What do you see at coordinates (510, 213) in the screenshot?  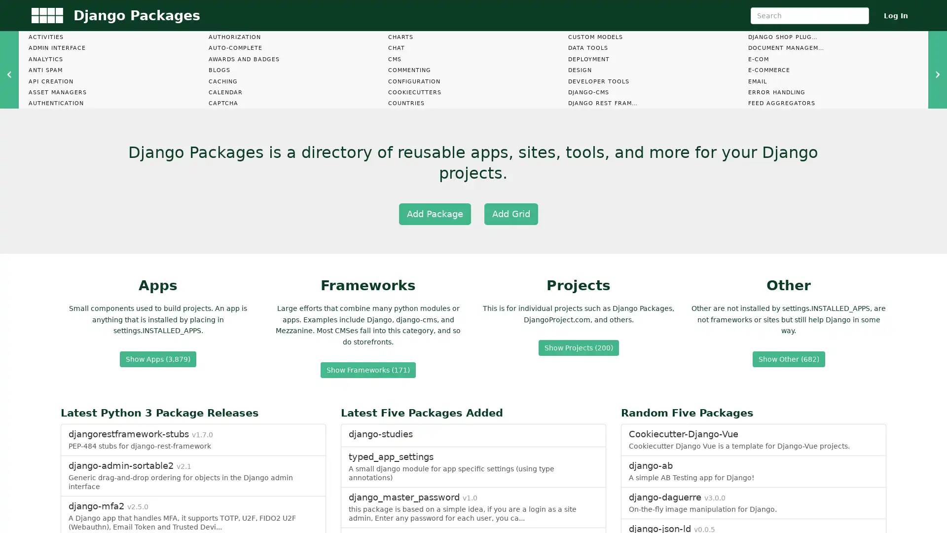 I see `Add Grid` at bounding box center [510, 213].